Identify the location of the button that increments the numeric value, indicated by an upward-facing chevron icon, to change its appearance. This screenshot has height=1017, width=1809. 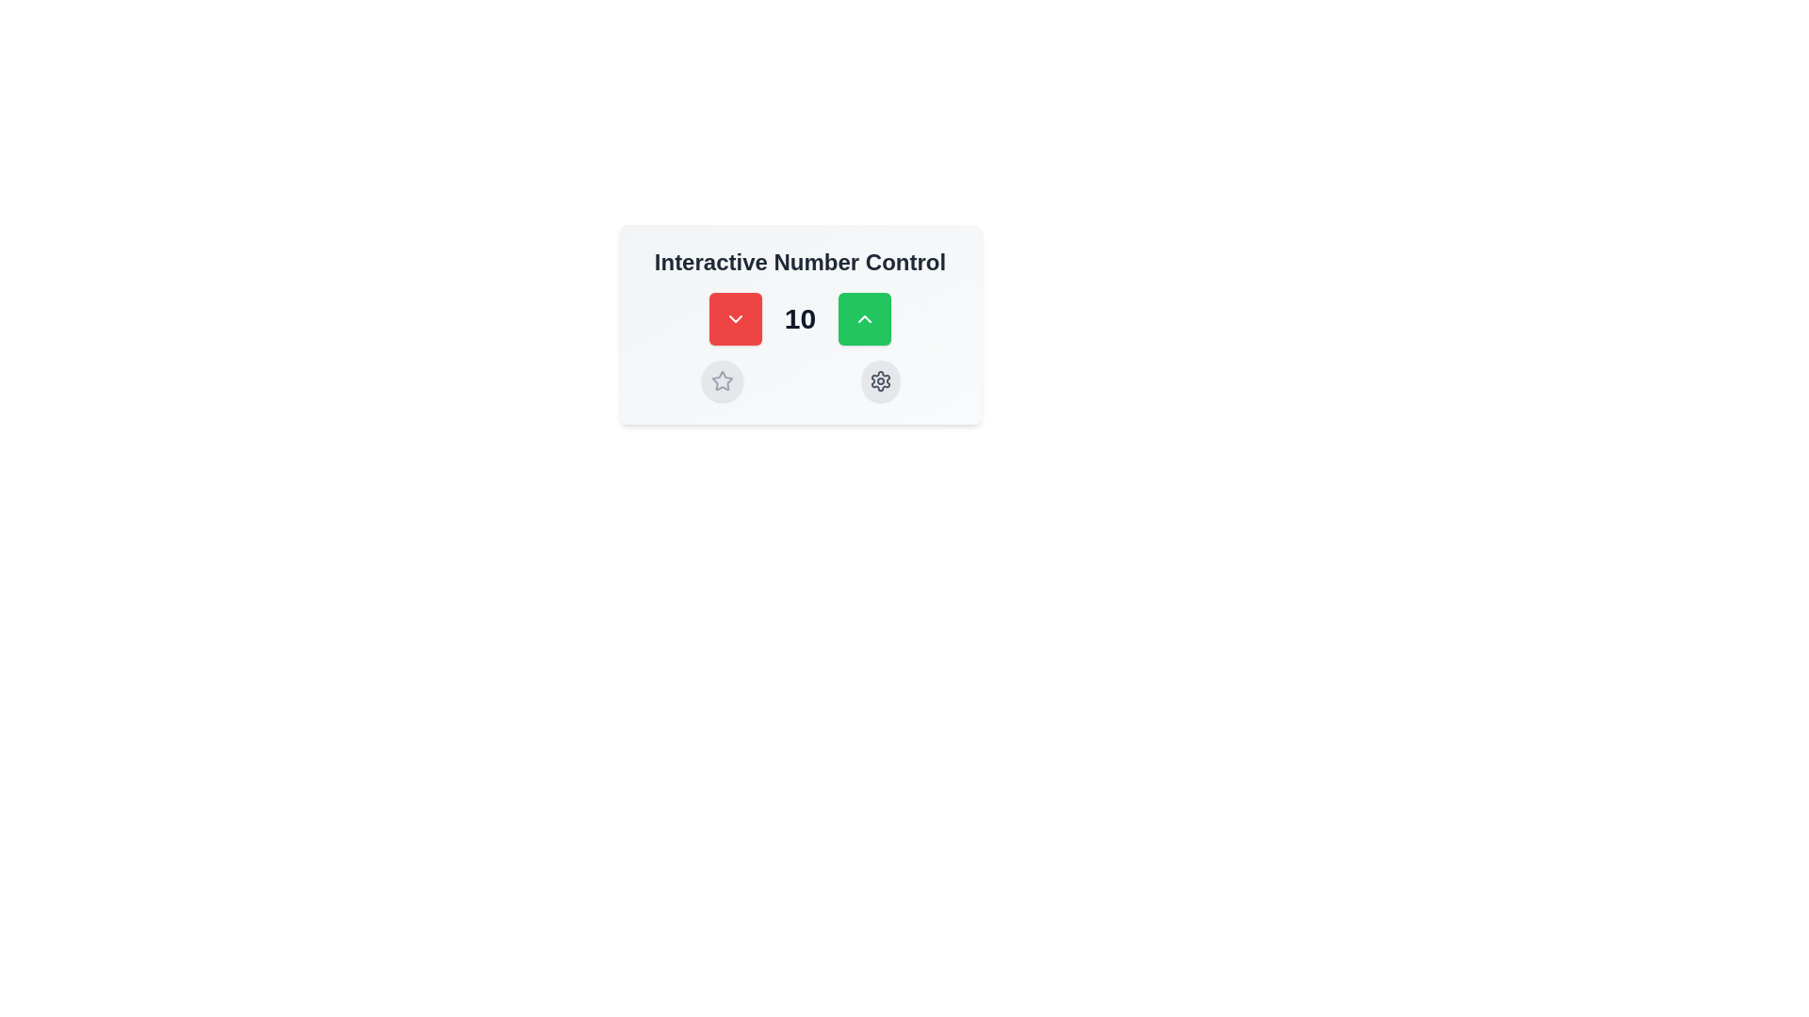
(864, 318).